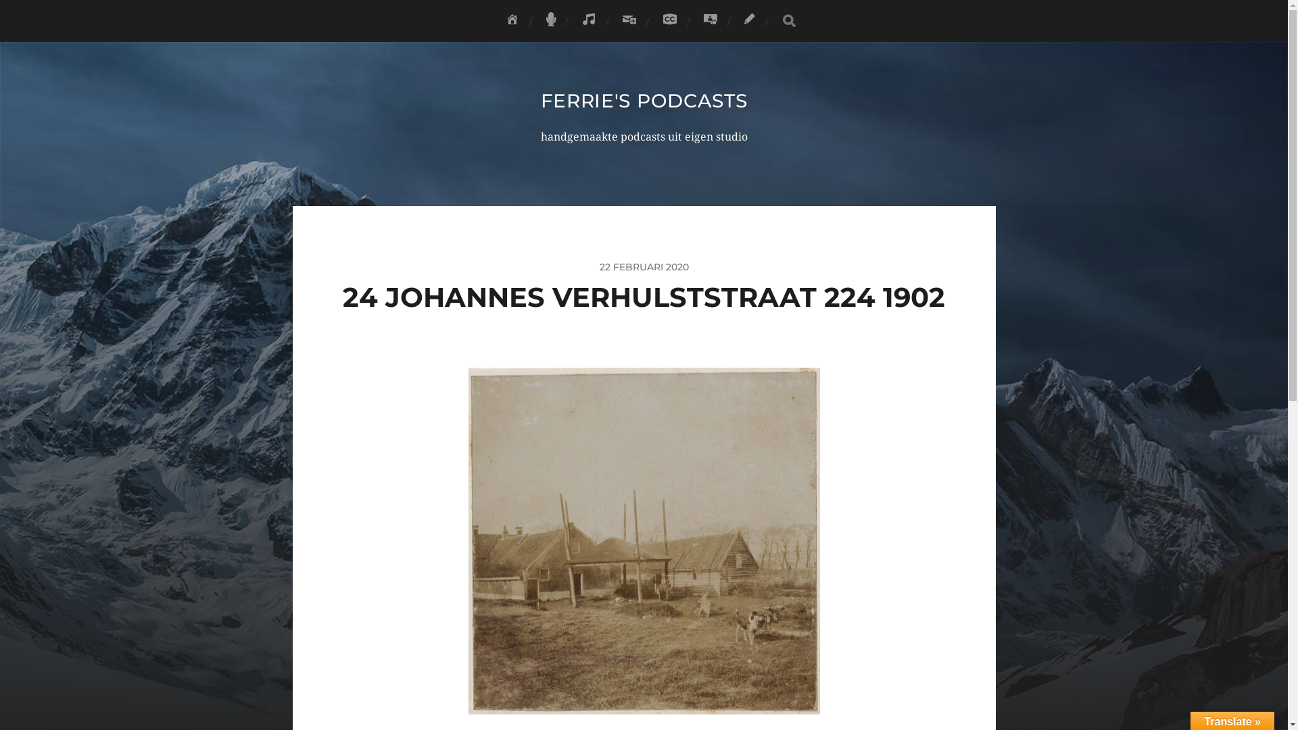 The image size is (1298, 730). What do you see at coordinates (644, 100) in the screenshot?
I see `'FERRIE'S PODCASTS'` at bounding box center [644, 100].